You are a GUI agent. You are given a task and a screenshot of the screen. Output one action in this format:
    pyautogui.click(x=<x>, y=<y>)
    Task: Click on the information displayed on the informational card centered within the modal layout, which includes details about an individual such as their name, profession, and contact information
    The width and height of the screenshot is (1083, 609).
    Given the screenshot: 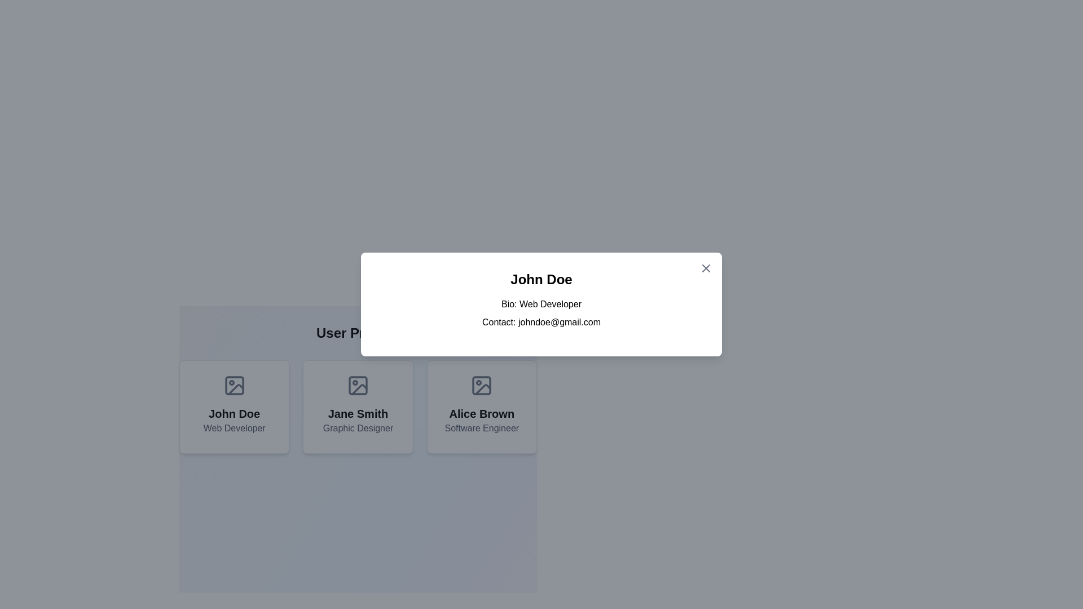 What is the action you would take?
    pyautogui.click(x=541, y=304)
    